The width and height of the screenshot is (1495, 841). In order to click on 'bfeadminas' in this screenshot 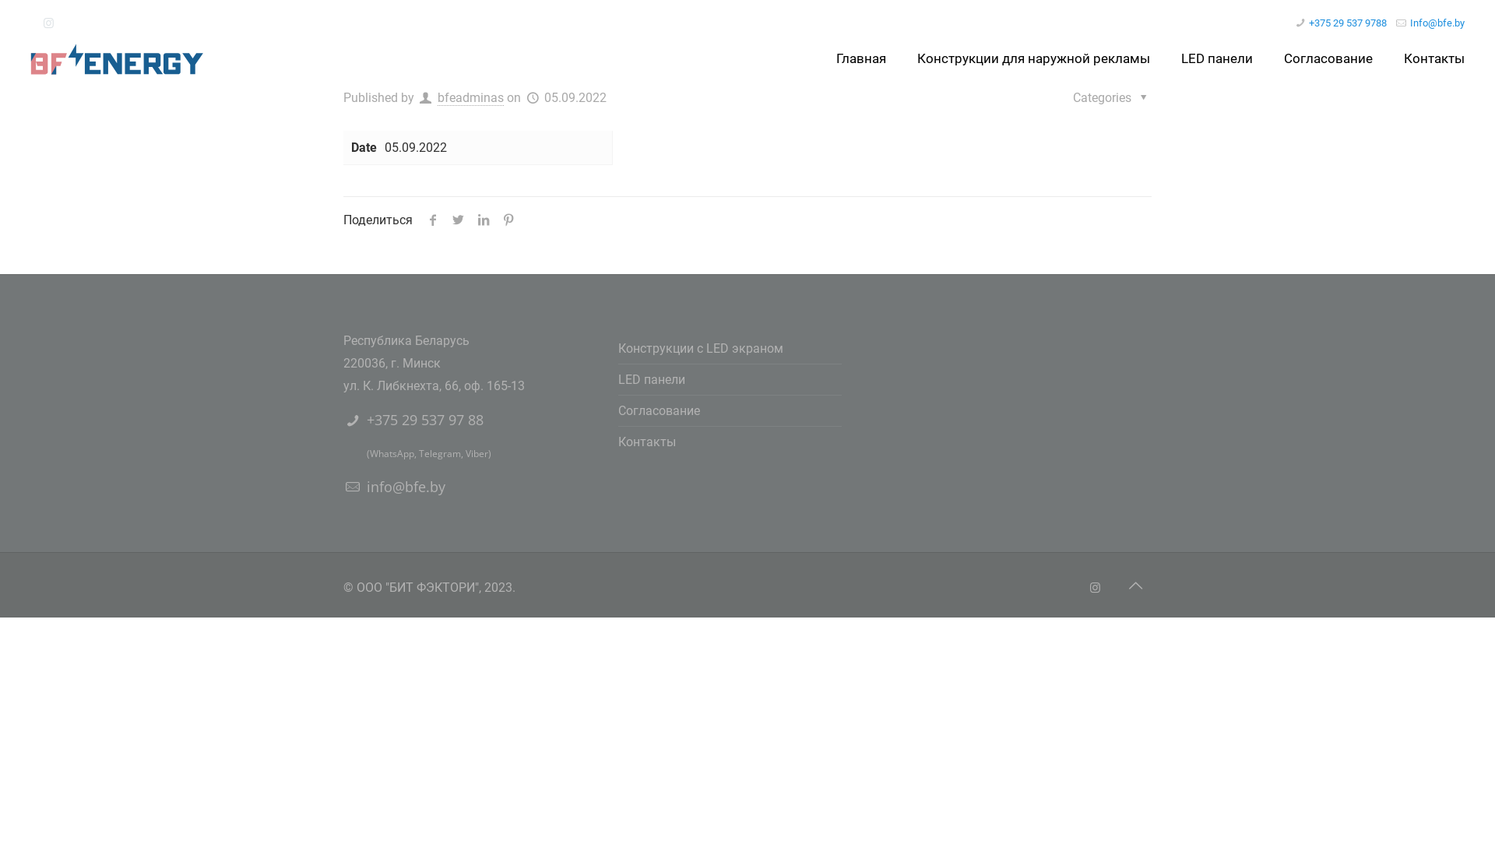, I will do `click(470, 98)`.